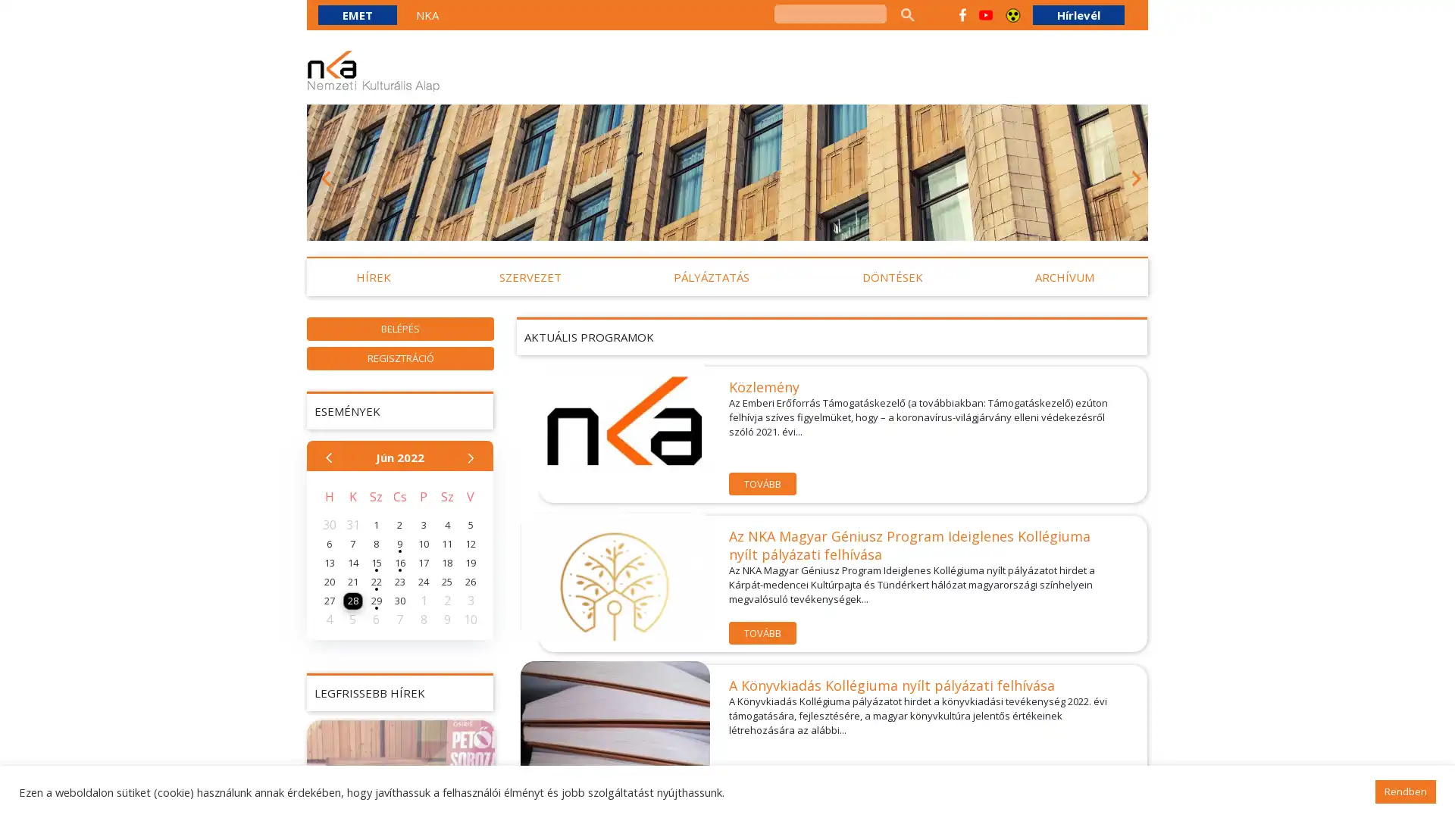 This screenshot has height=818, width=1455. I want to click on SZERVEZET, so click(530, 277).